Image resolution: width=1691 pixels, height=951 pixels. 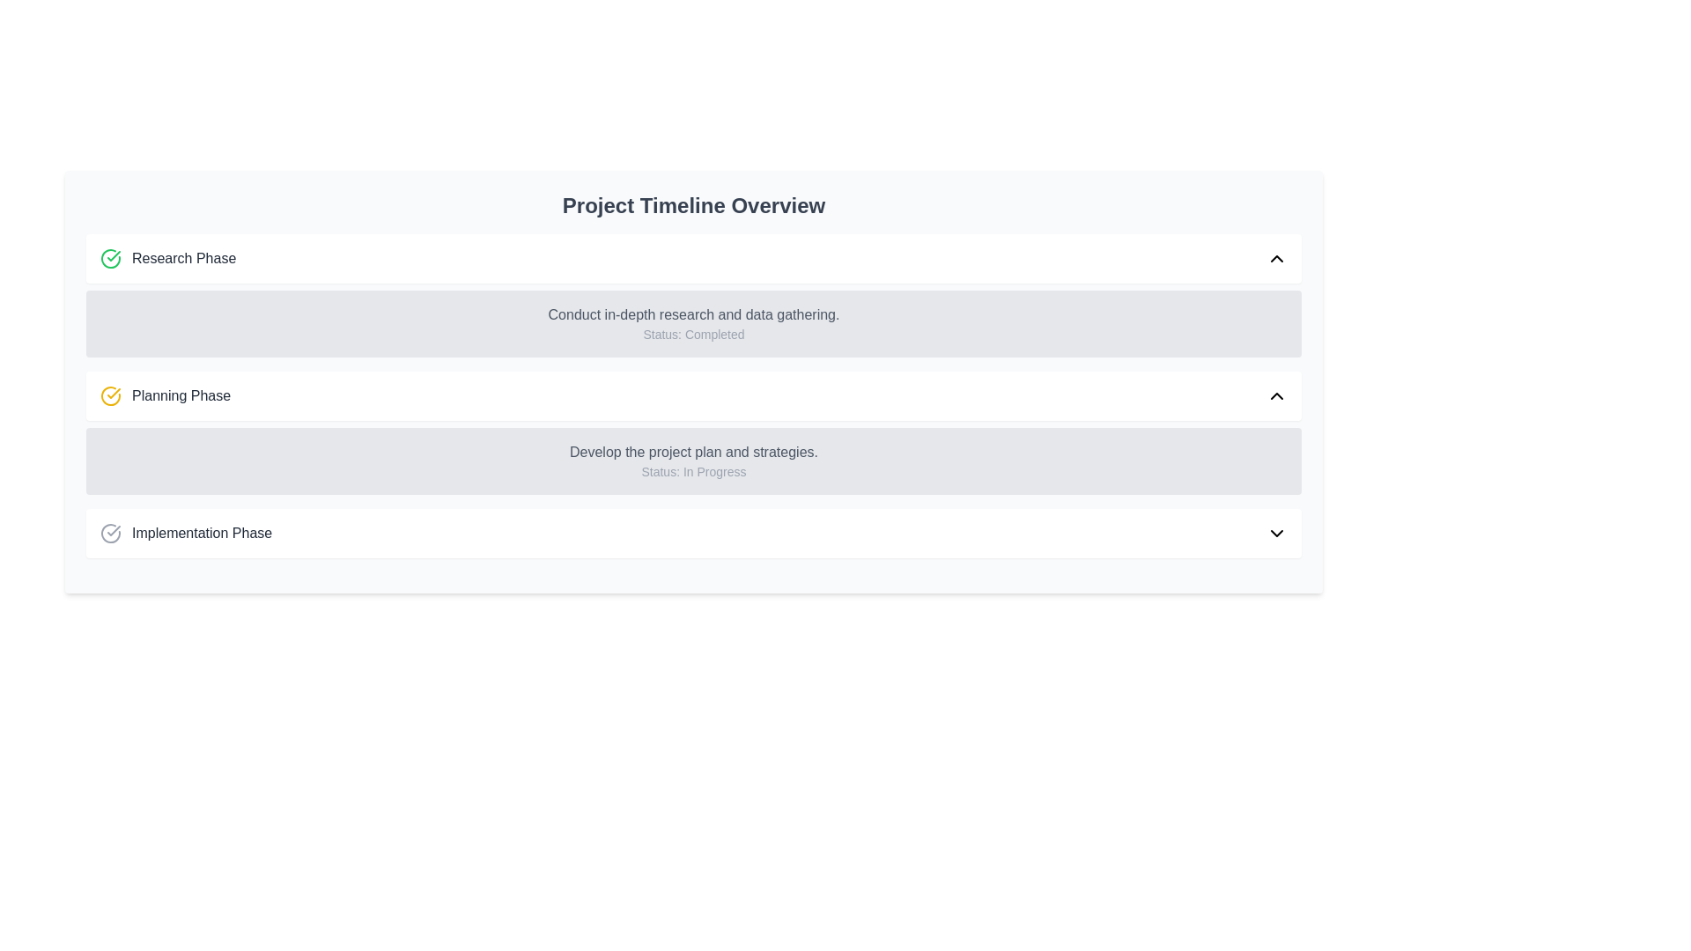 I want to click on the text label 'Project Timeline Overview', which is prominently positioned at the top of the interface and styled with a bold font, so click(x=692, y=205).